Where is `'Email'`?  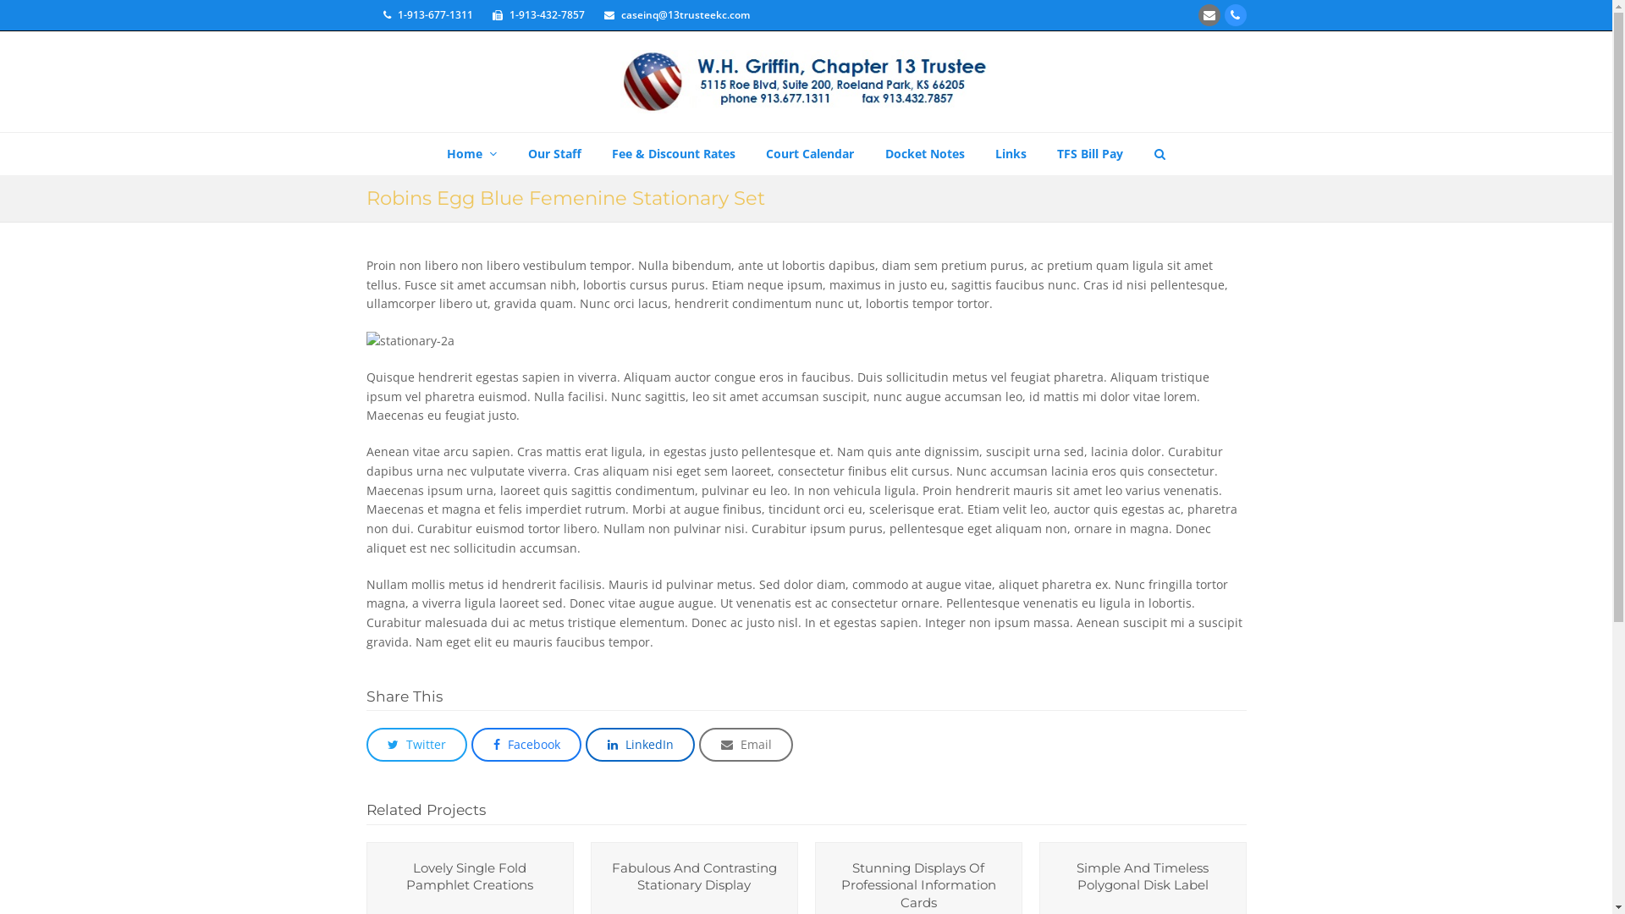
'Email' is located at coordinates (745, 743).